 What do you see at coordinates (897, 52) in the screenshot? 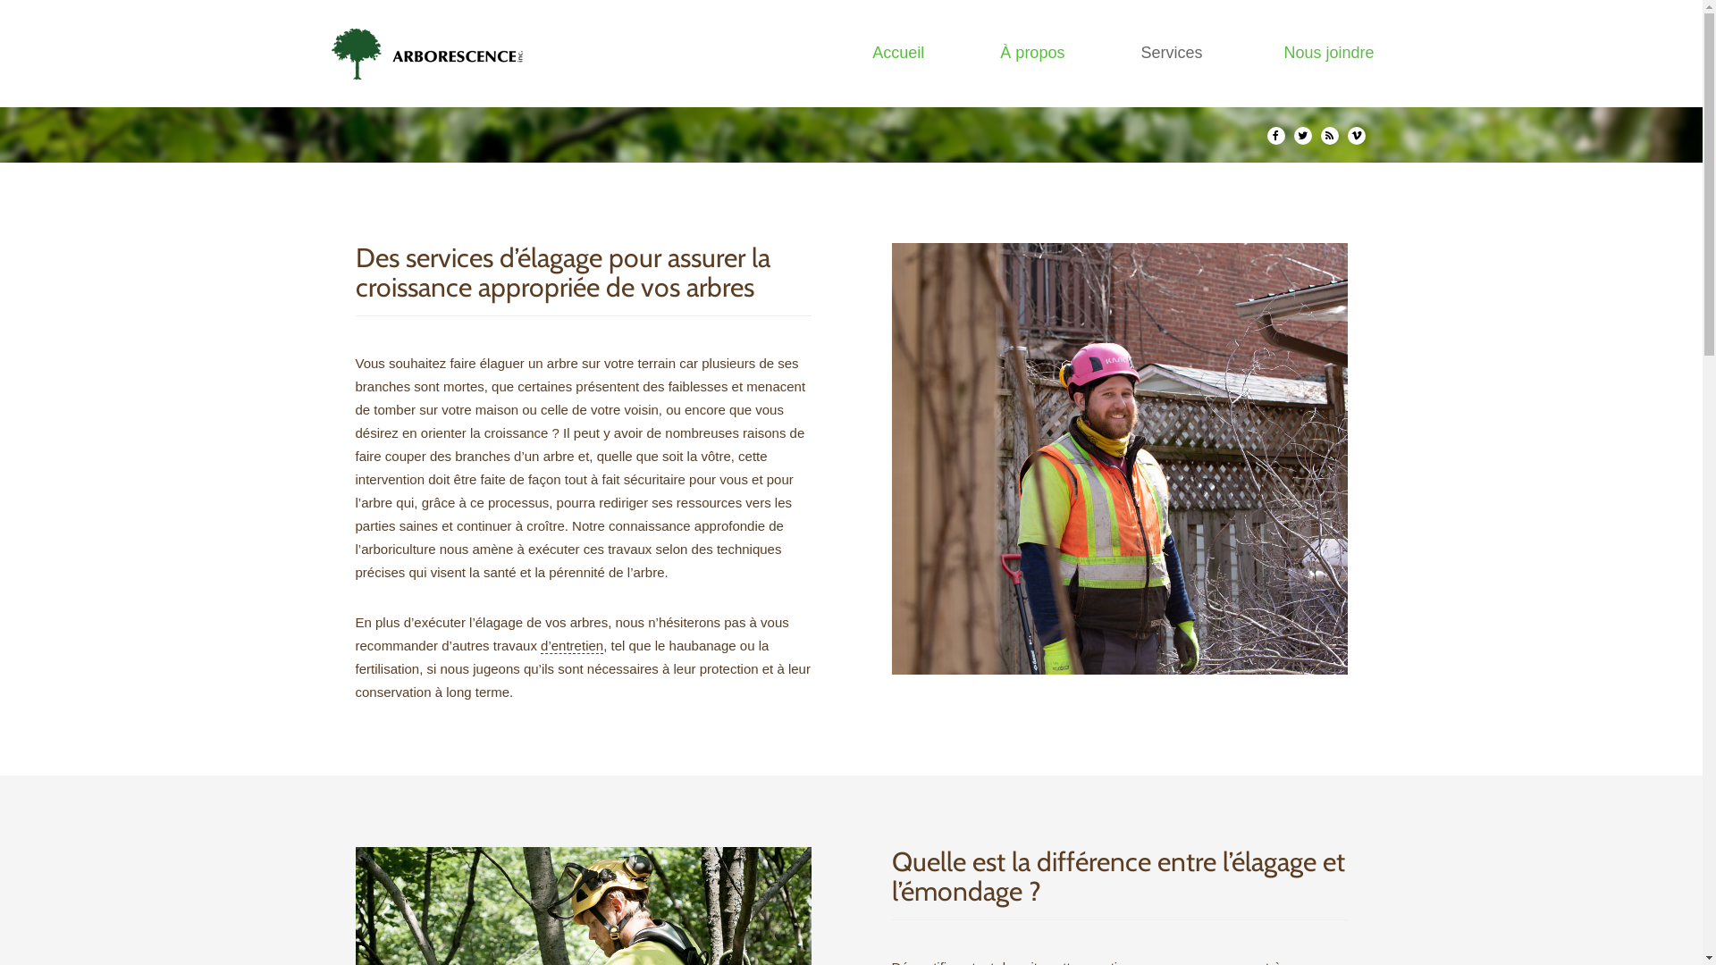
I see `'Accueil'` at bounding box center [897, 52].